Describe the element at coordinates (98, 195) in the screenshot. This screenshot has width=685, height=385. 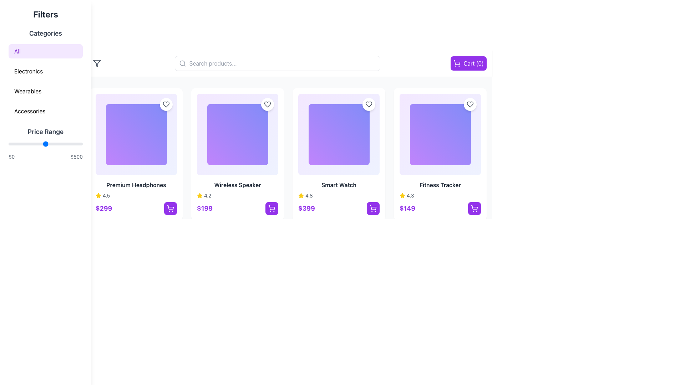
I see `the yellow filled star icon indicating a rating for 'Premium Headphones', positioned left of the text '4.5'` at that location.